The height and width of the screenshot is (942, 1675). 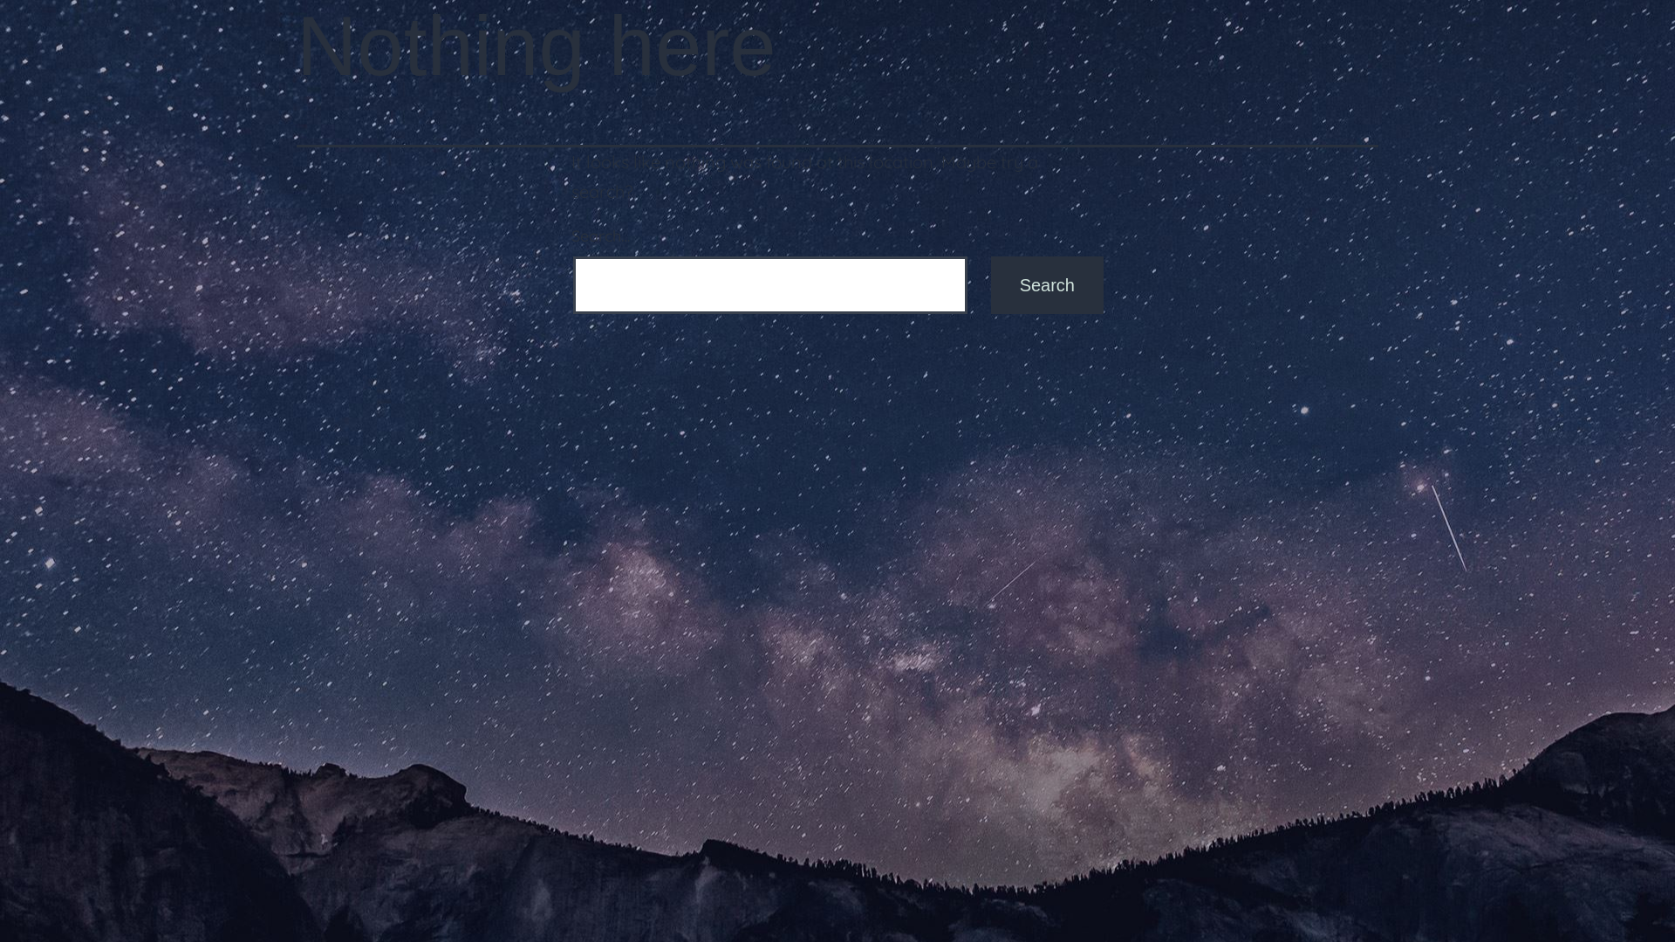 I want to click on 'Search', so click(x=991, y=284).